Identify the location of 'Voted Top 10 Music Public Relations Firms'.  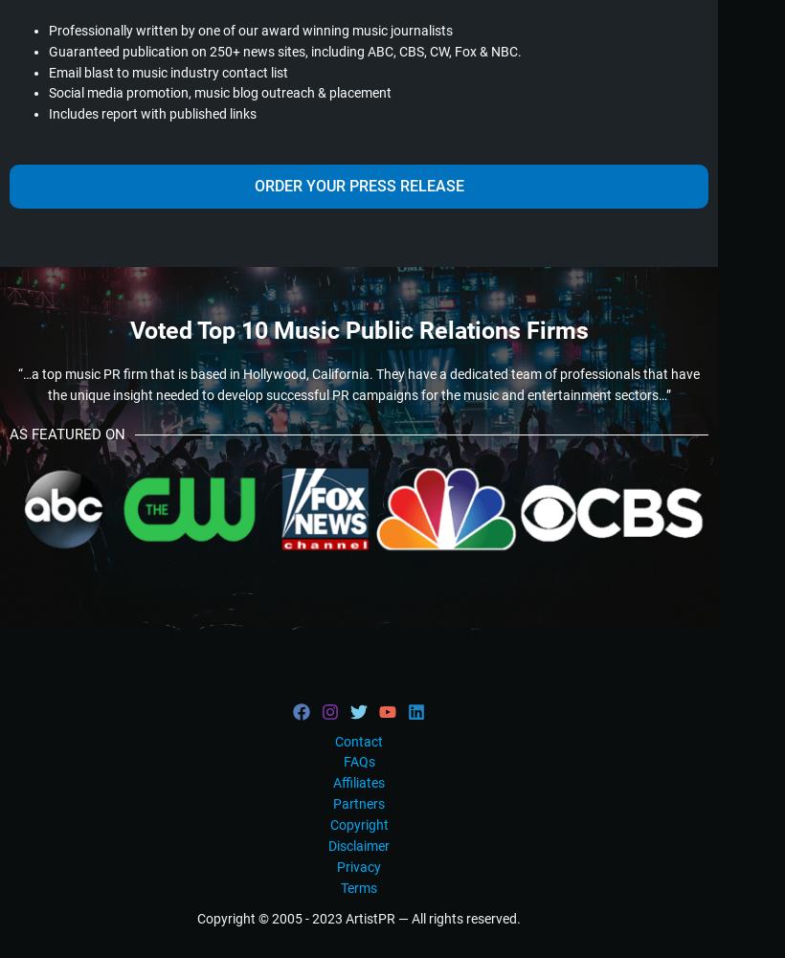
(358, 330).